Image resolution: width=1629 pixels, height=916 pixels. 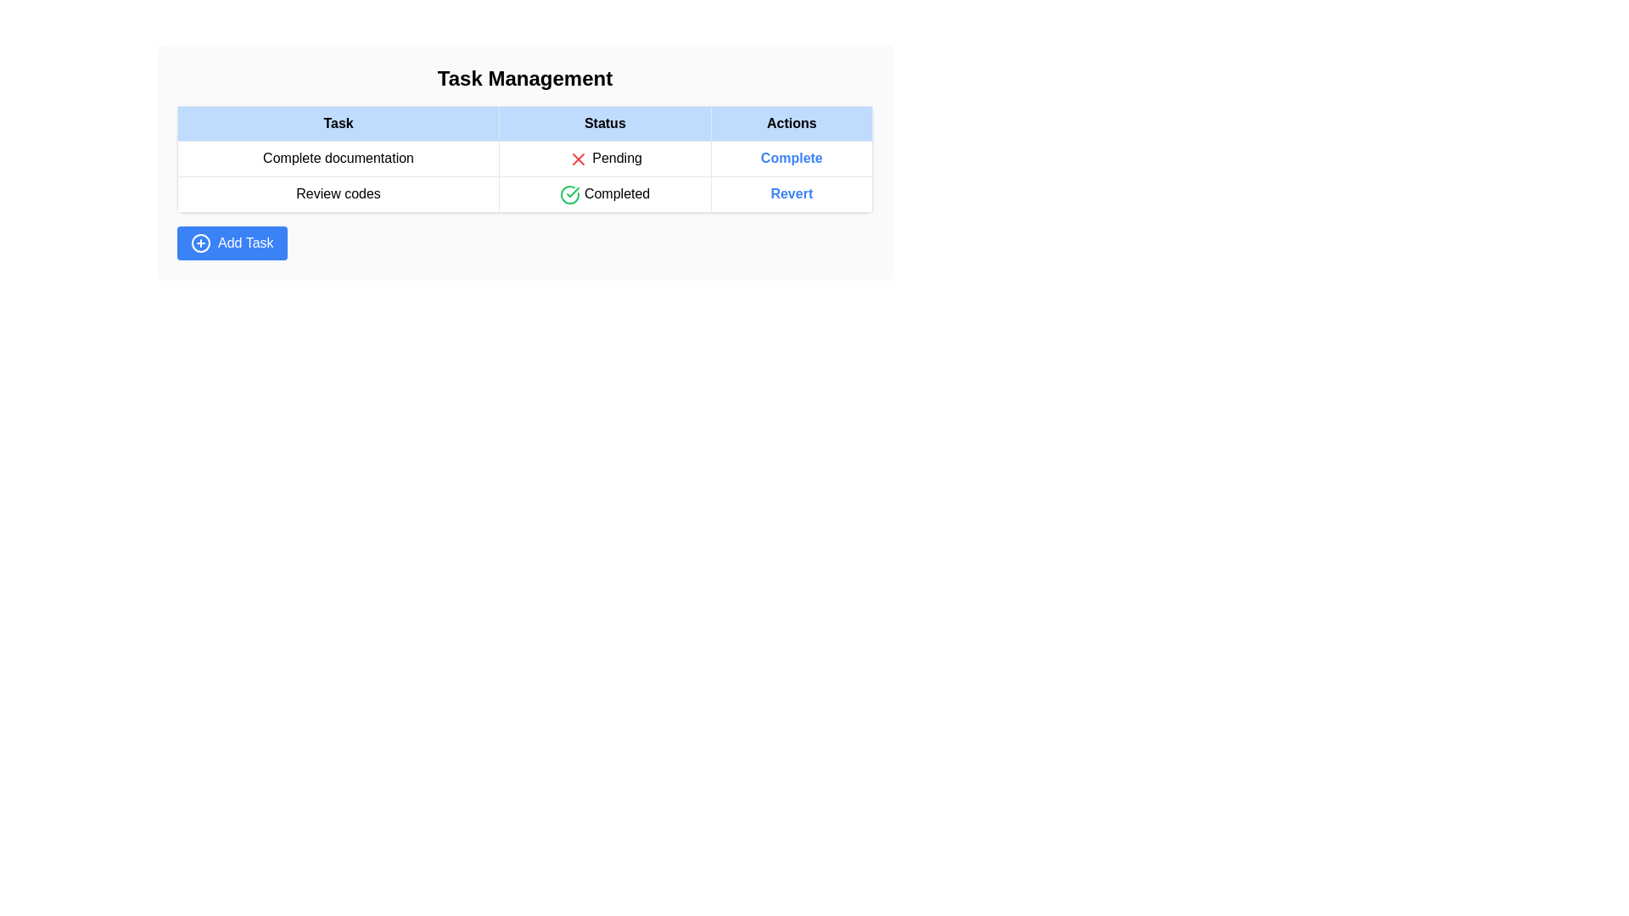 What do you see at coordinates (200, 242) in the screenshot?
I see `the small circular icon with a plus sign in its center, which has a blue background and white outline, located inside the 'Add Task' button at the bottom-left of the task management panel` at bounding box center [200, 242].